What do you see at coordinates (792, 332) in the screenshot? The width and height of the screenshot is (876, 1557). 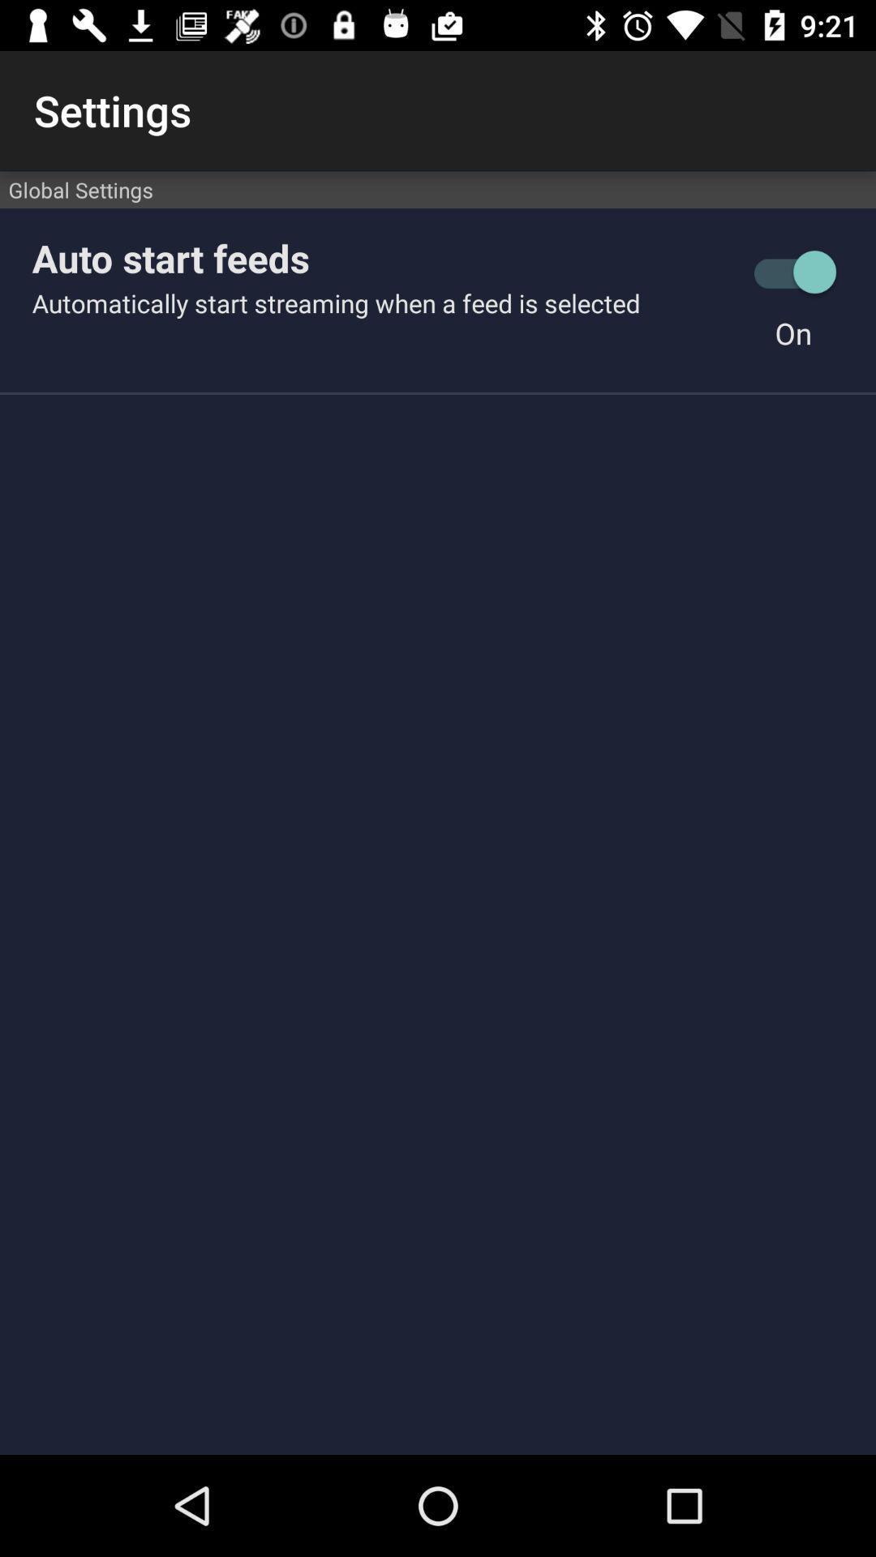 I see `the on item` at bounding box center [792, 332].